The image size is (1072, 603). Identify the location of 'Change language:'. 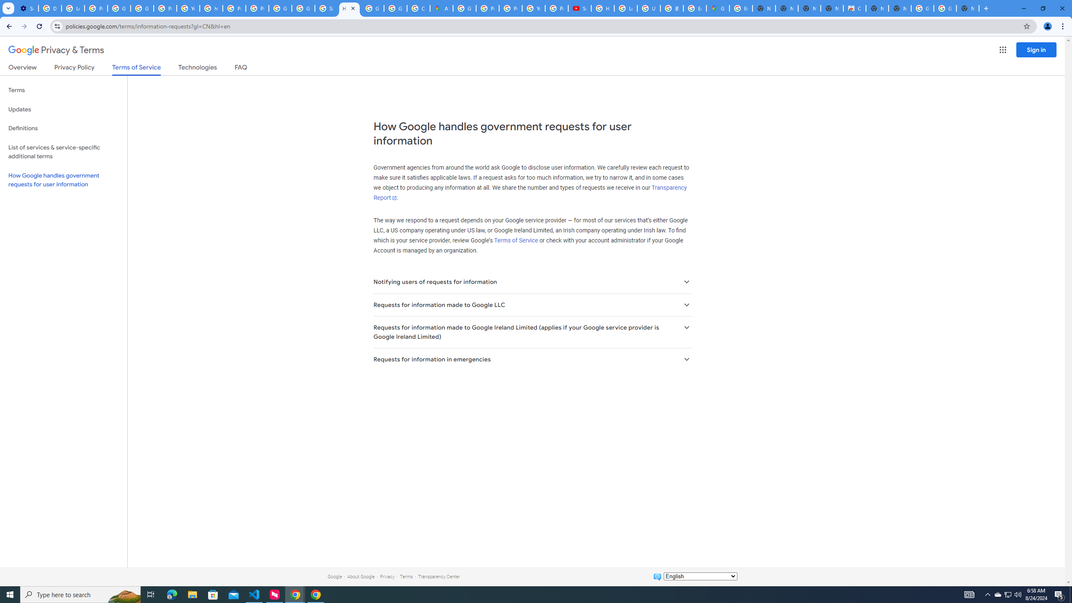
(700, 575).